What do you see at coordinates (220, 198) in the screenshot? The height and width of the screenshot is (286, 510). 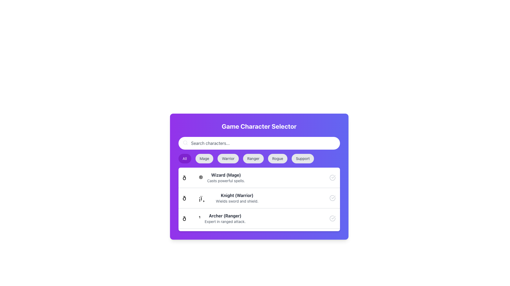 I see `the text display element representing 'Knight (Warrior)' with the description 'Wields sword and shield.' located in the Game Character Selector list` at bounding box center [220, 198].